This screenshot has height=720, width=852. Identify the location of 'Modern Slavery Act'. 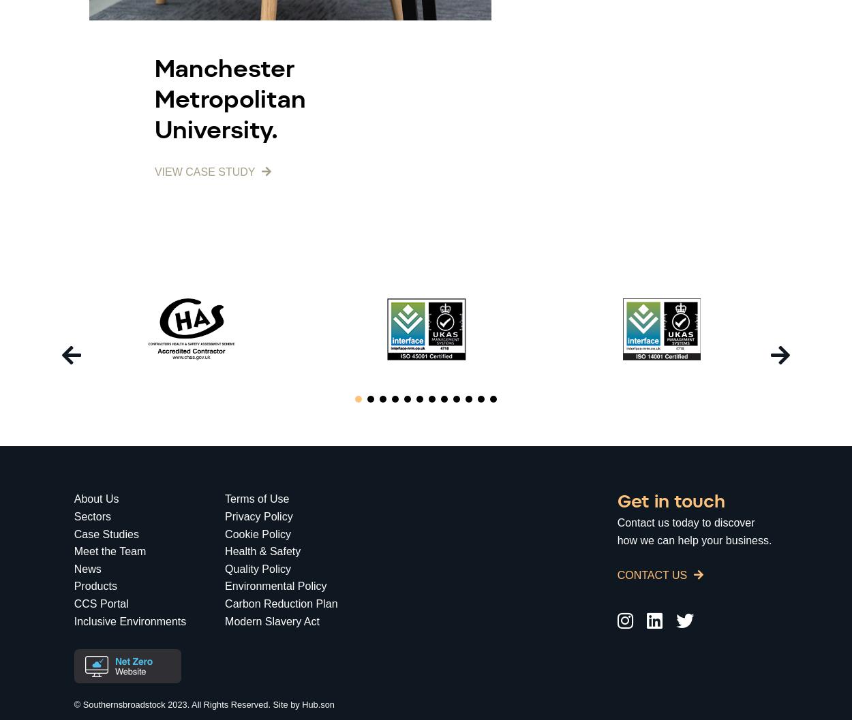
(272, 621).